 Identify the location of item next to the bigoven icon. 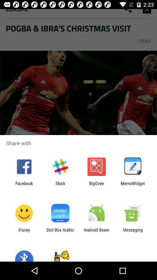
(133, 185).